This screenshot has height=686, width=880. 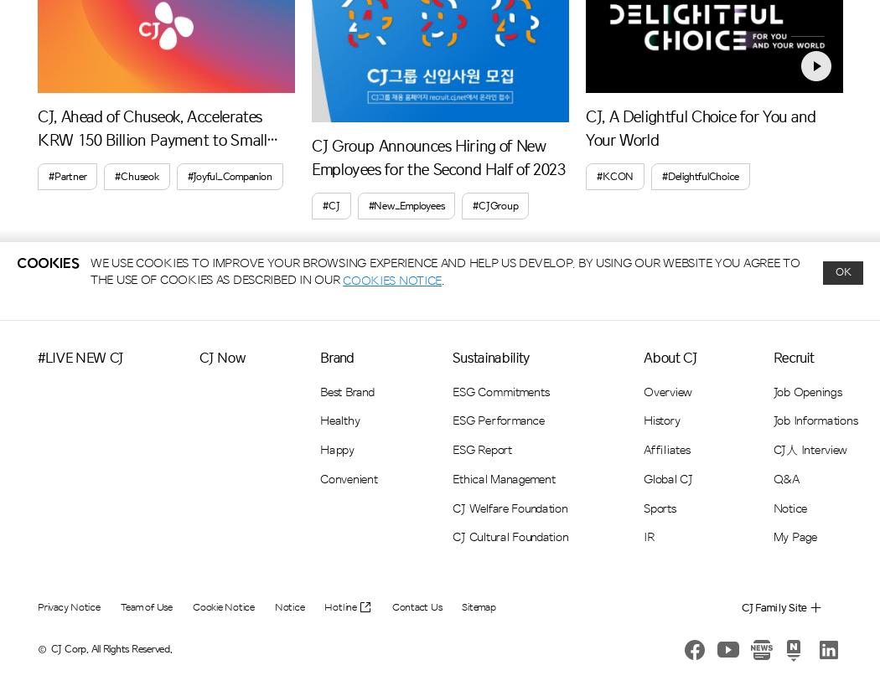 I want to click on 'Sports', so click(x=659, y=507).